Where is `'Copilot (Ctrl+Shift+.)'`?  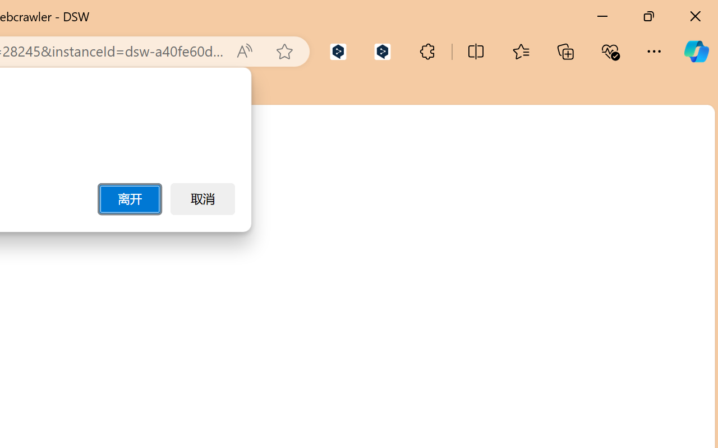
'Copilot (Ctrl+Shift+.)' is located at coordinates (696, 51).